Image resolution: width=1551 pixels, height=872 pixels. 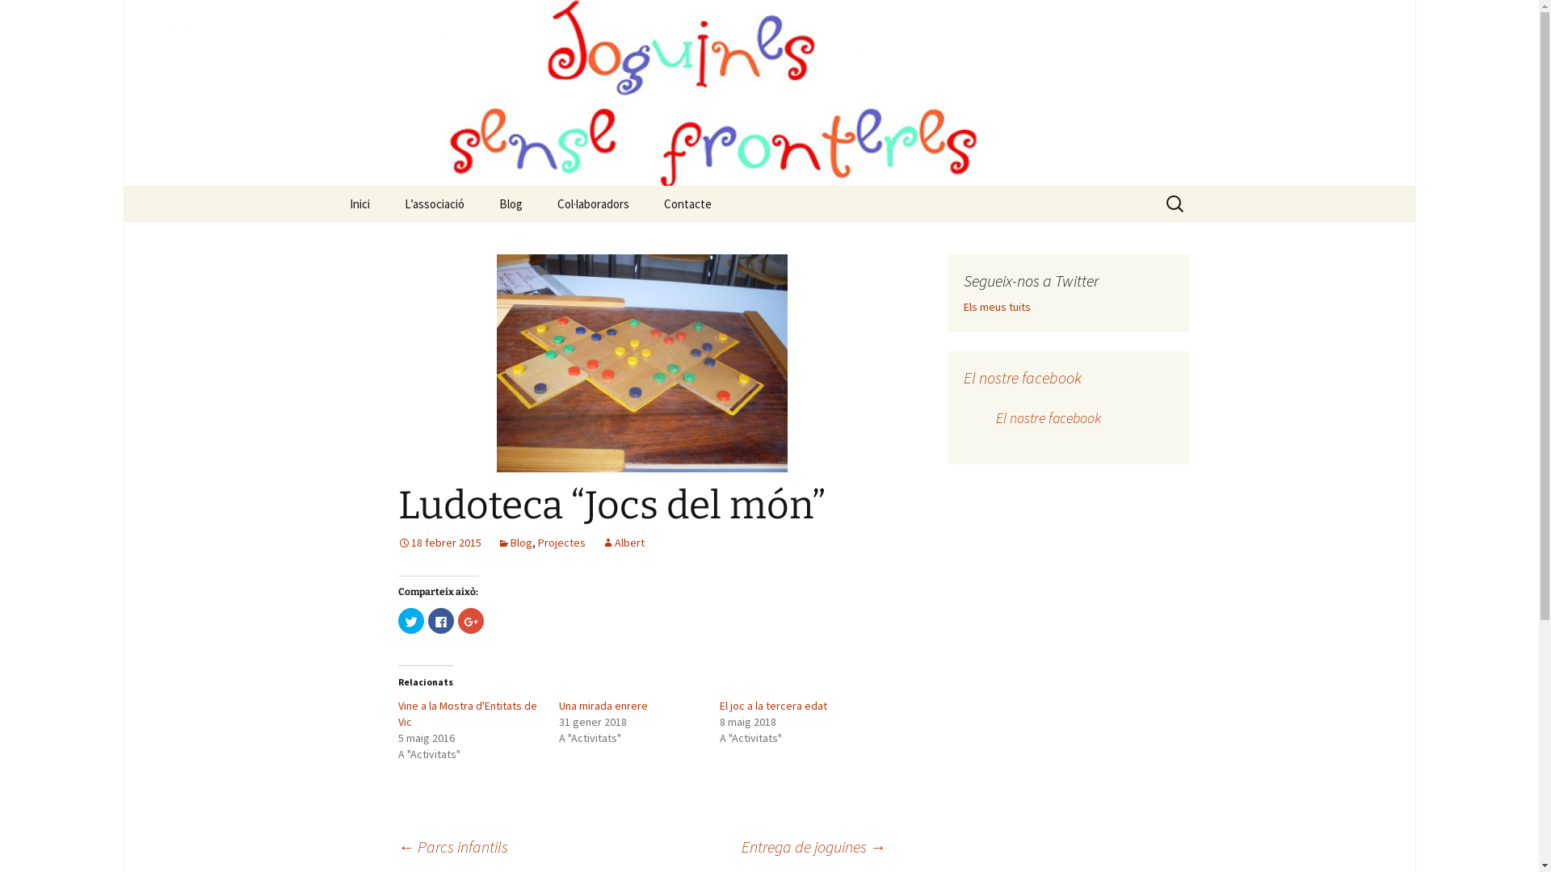 I want to click on 'Cerca', so click(x=19, y=18).